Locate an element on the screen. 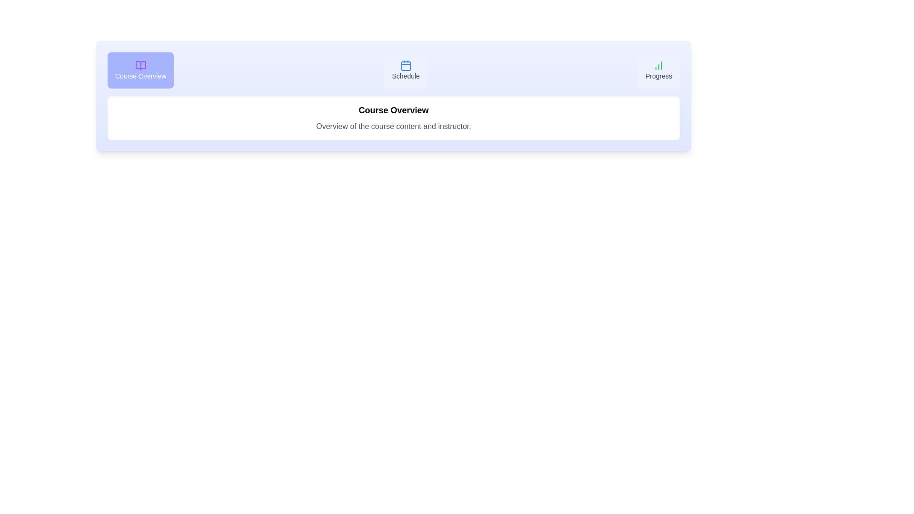  the tab labeled Progress to view its content is located at coordinates (658, 69).